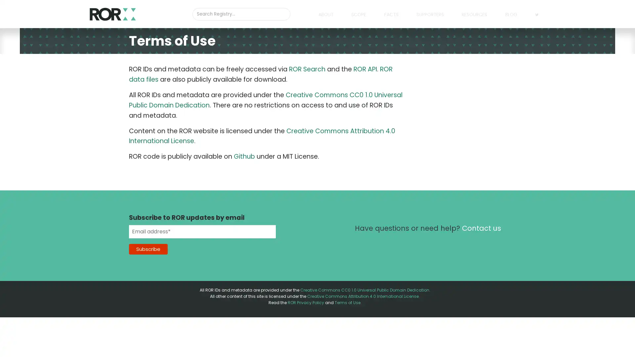 This screenshot has height=357, width=635. What do you see at coordinates (148, 249) in the screenshot?
I see `Subscribe` at bounding box center [148, 249].